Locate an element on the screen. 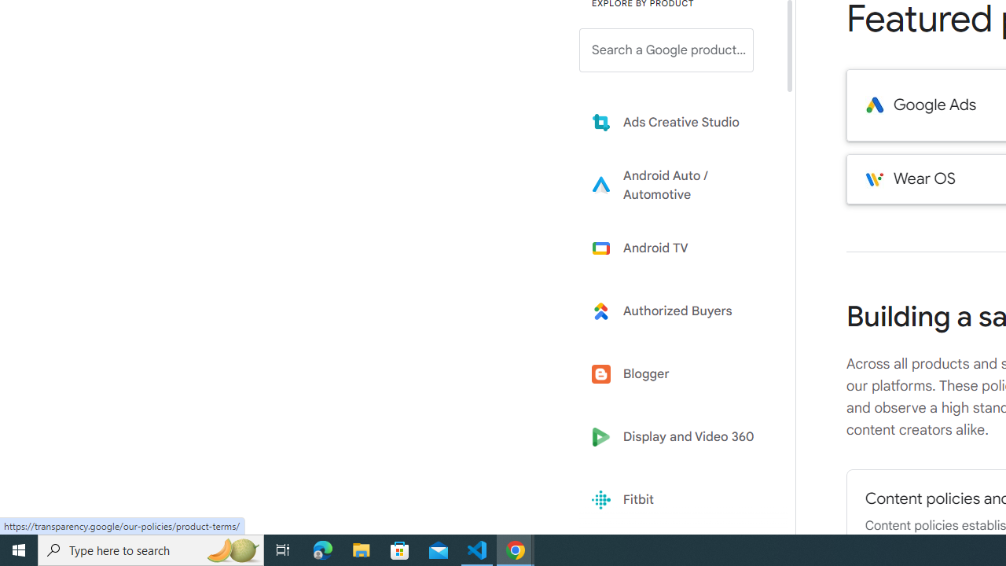 This screenshot has height=566, width=1006. 'Learn more about Ads Creative Studio' is located at coordinates (677, 121).